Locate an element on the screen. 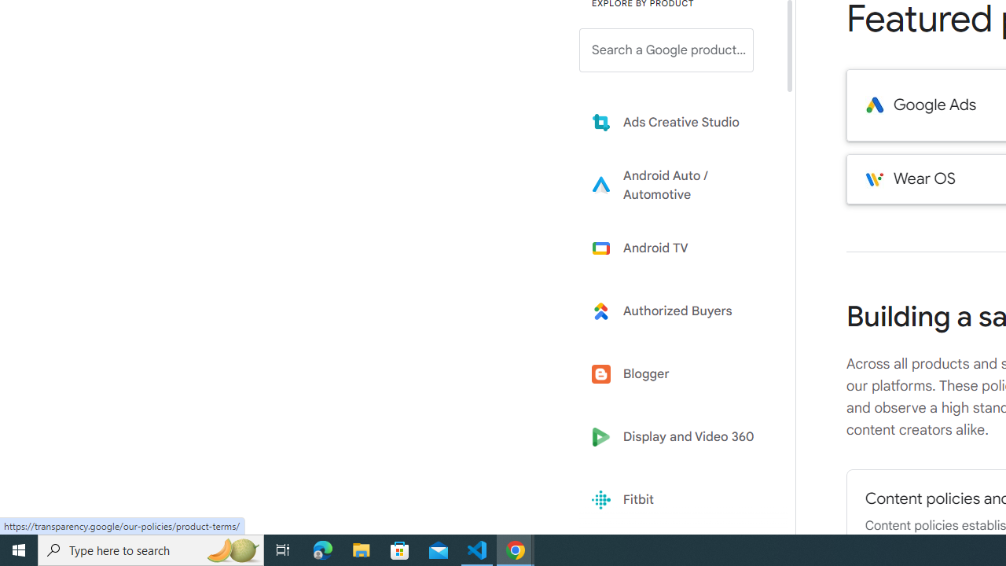 This screenshot has height=566, width=1006. 'Learn more about Ads Creative Studio' is located at coordinates (677, 121).